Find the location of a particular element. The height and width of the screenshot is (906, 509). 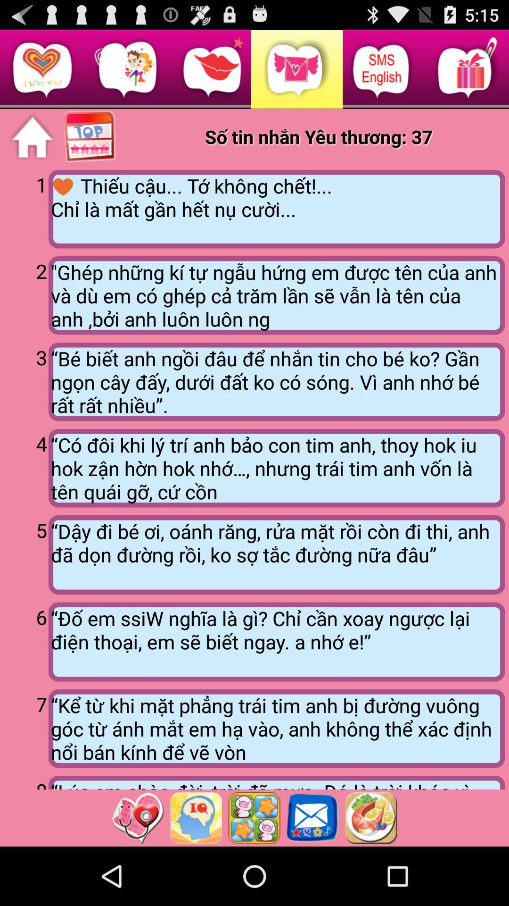

check email is located at coordinates (312, 817).